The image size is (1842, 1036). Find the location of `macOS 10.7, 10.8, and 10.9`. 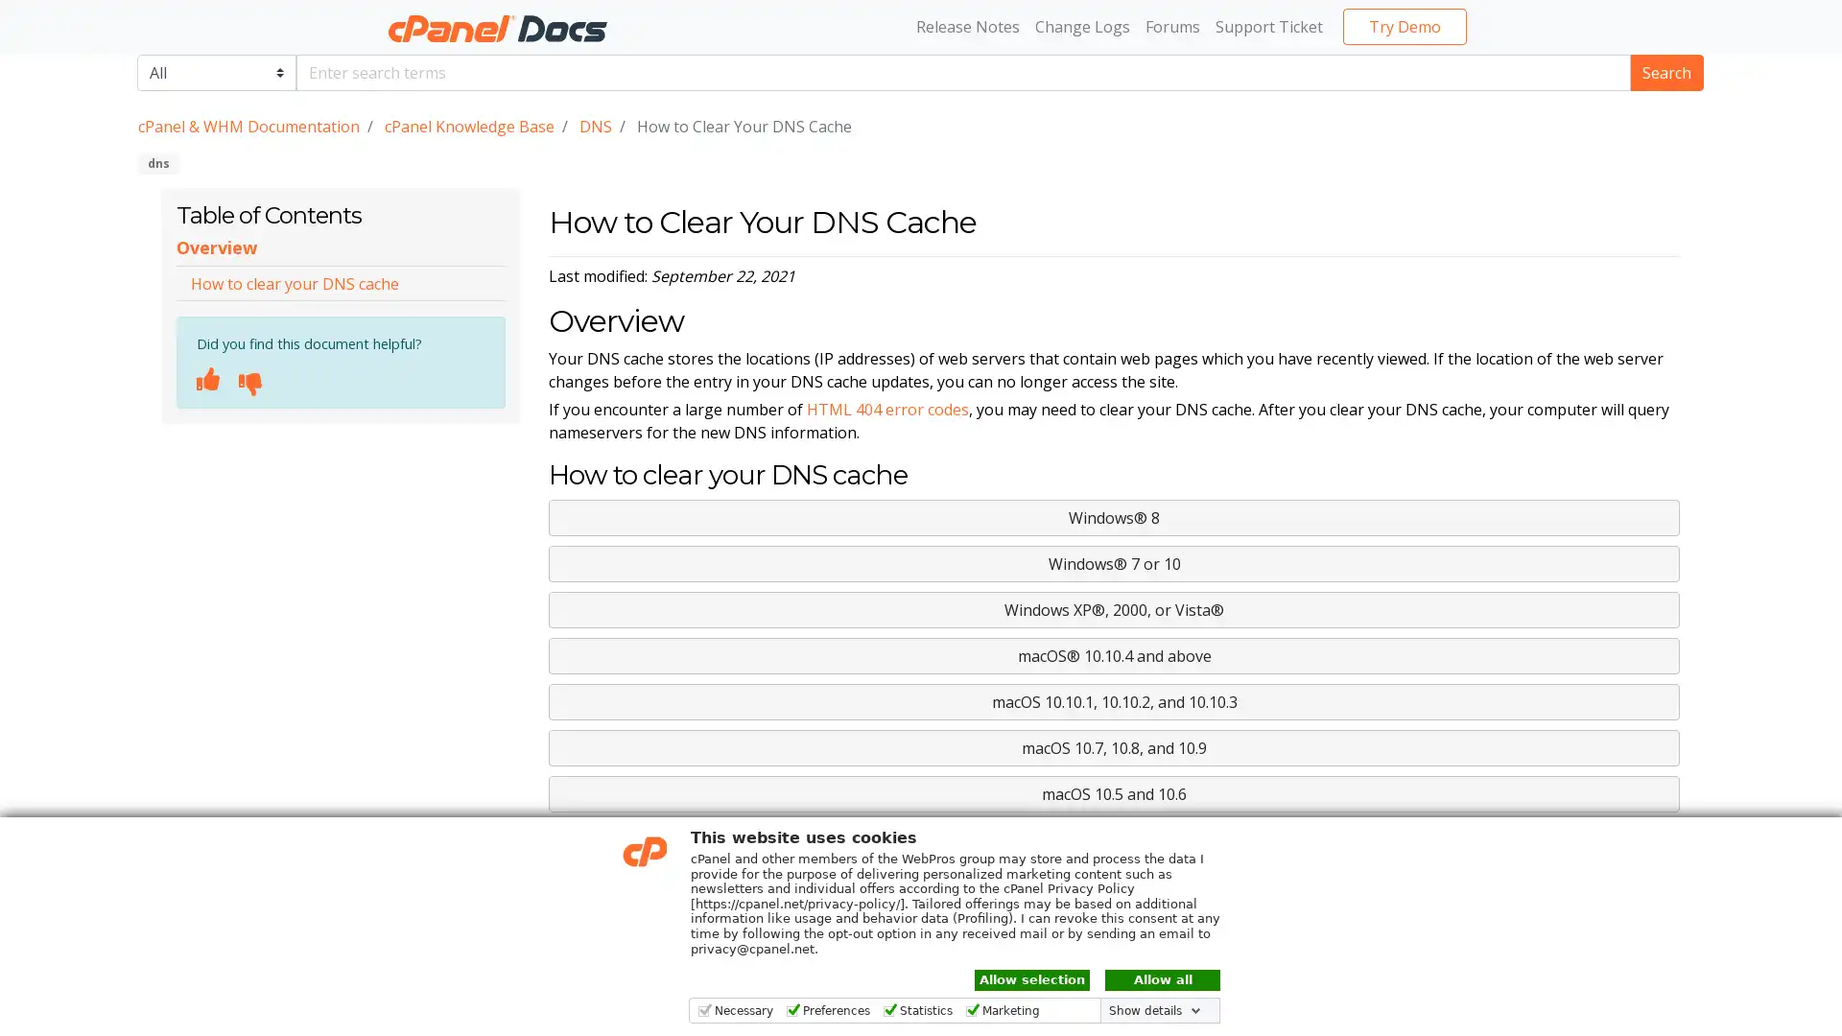

macOS 10.7, 10.8, and 10.9 is located at coordinates (1114, 746).